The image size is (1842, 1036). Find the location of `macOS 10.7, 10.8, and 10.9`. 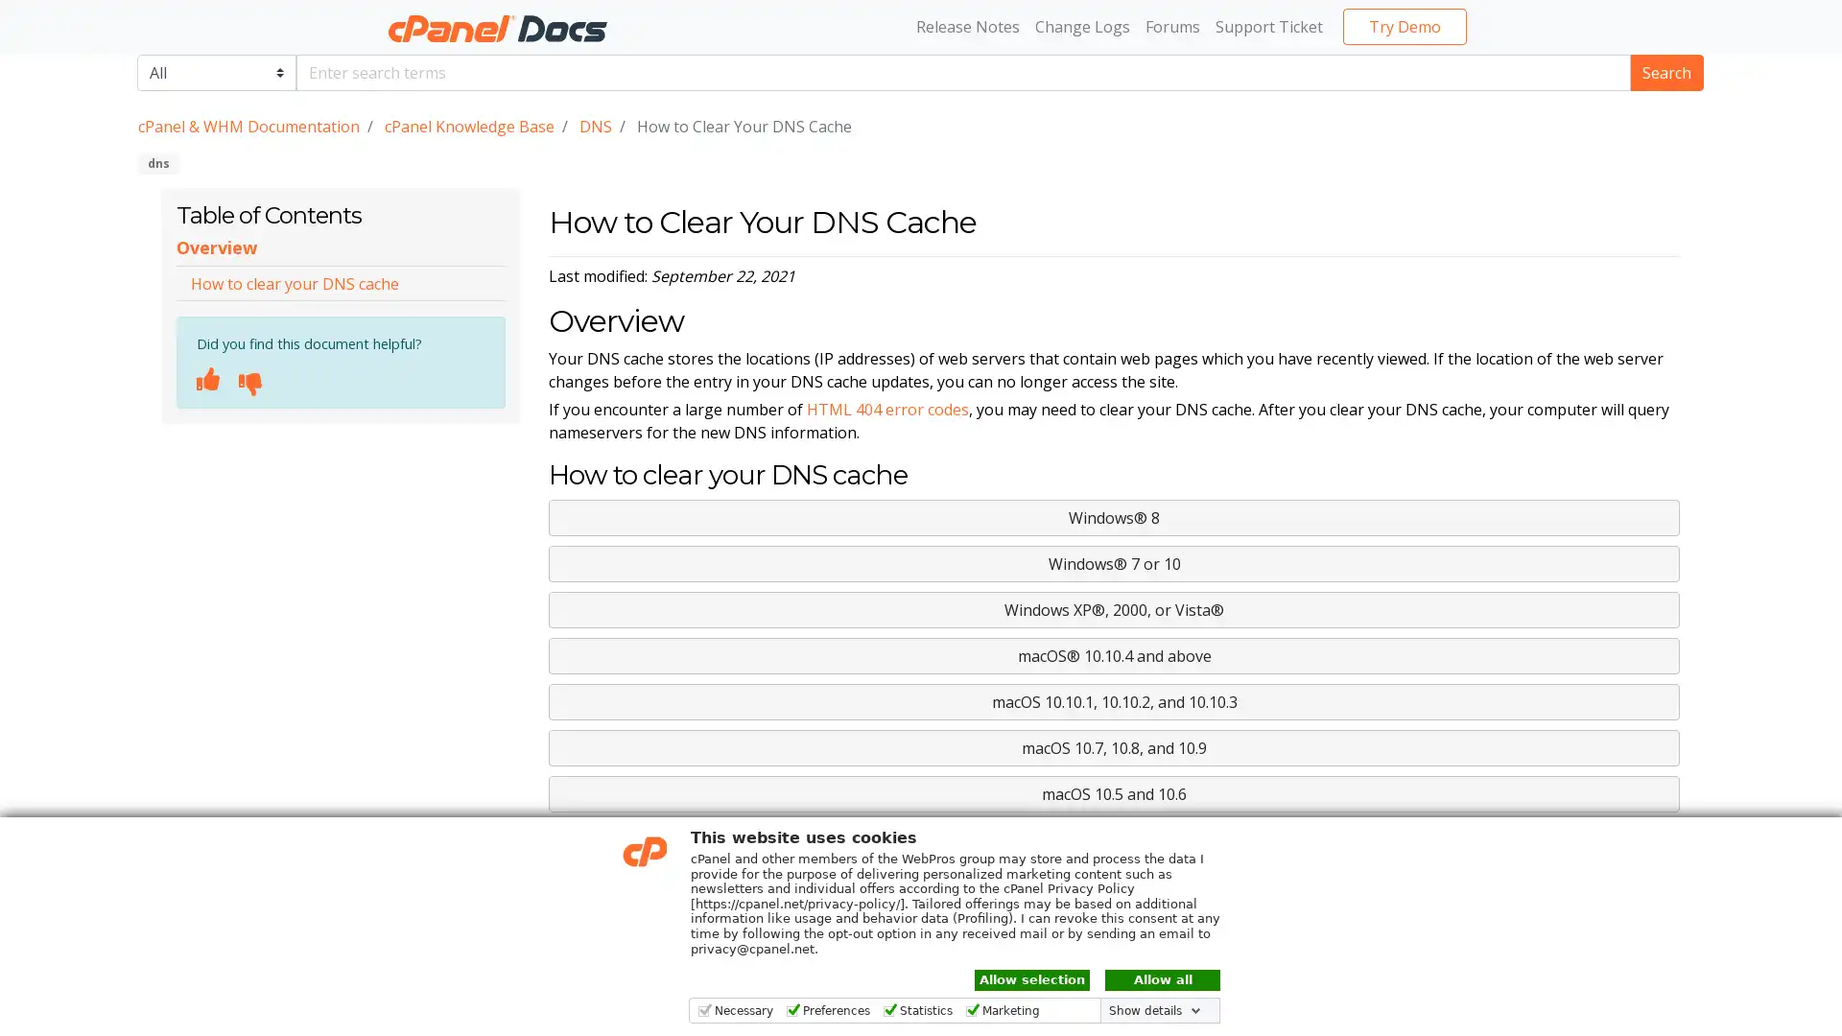

macOS 10.7, 10.8, and 10.9 is located at coordinates (1114, 746).